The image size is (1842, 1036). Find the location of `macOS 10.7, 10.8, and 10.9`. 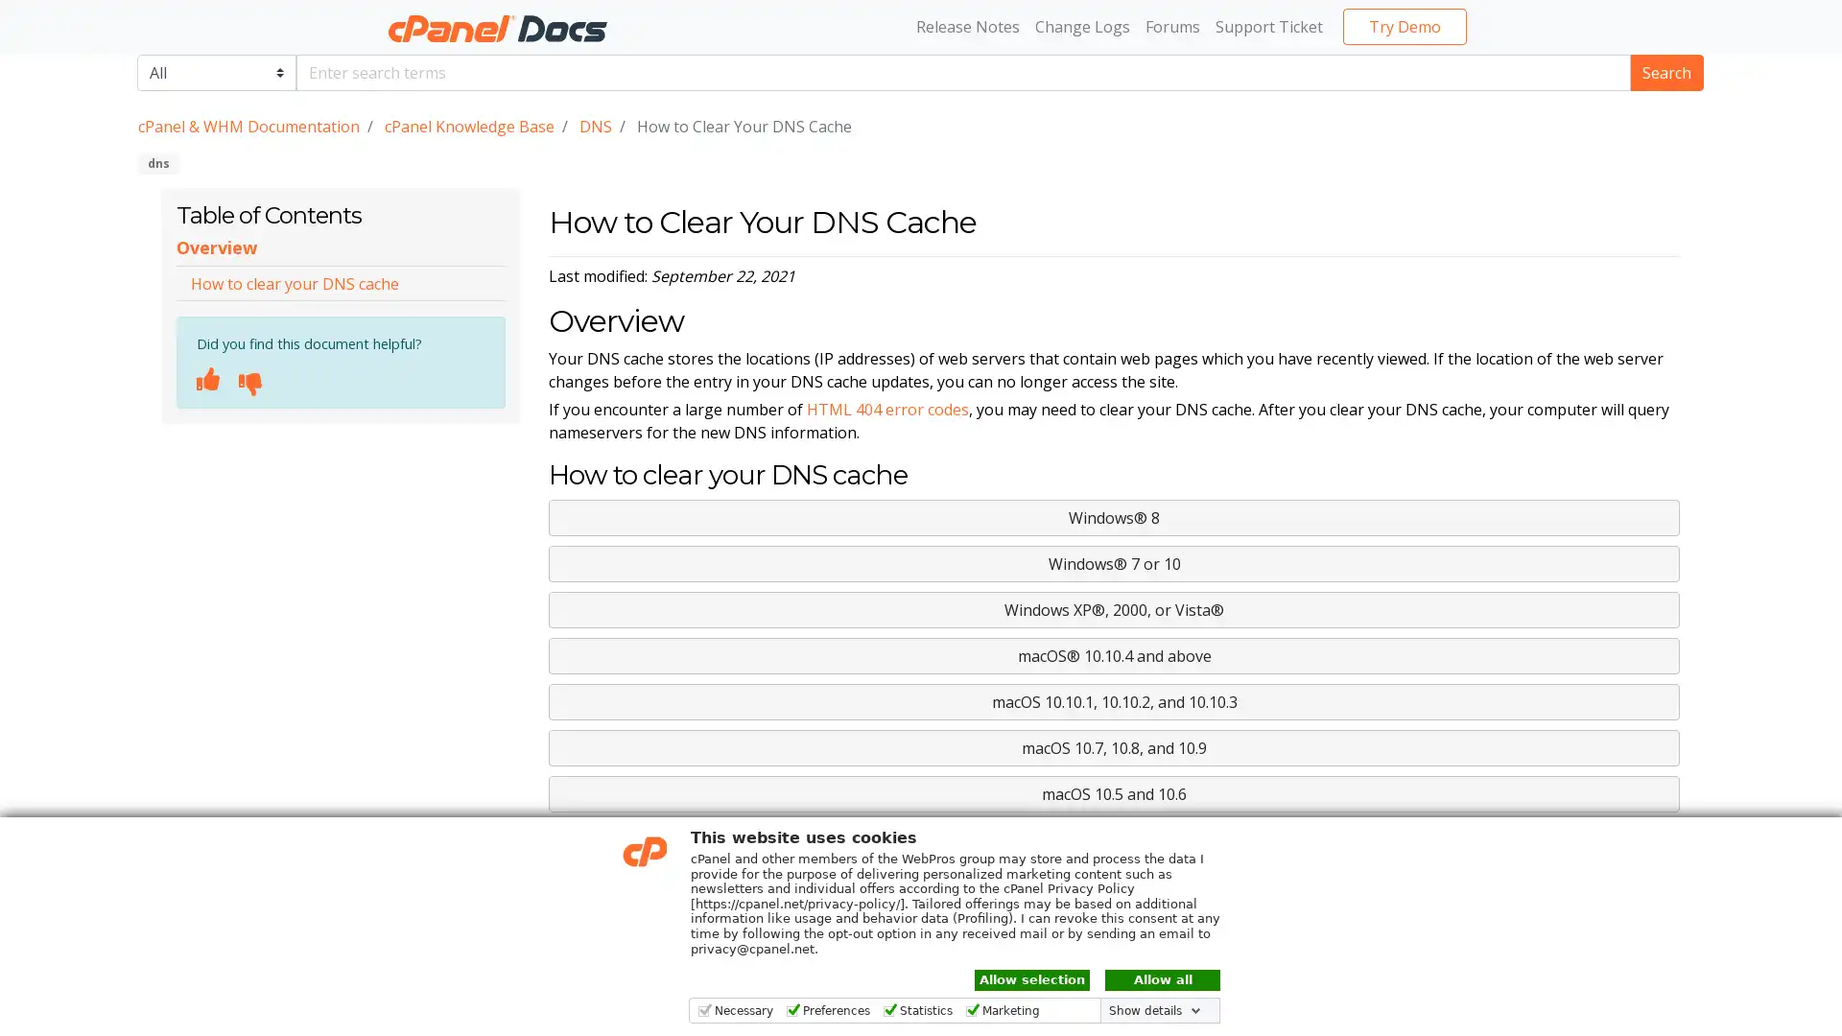

macOS 10.7, 10.8, and 10.9 is located at coordinates (1114, 746).